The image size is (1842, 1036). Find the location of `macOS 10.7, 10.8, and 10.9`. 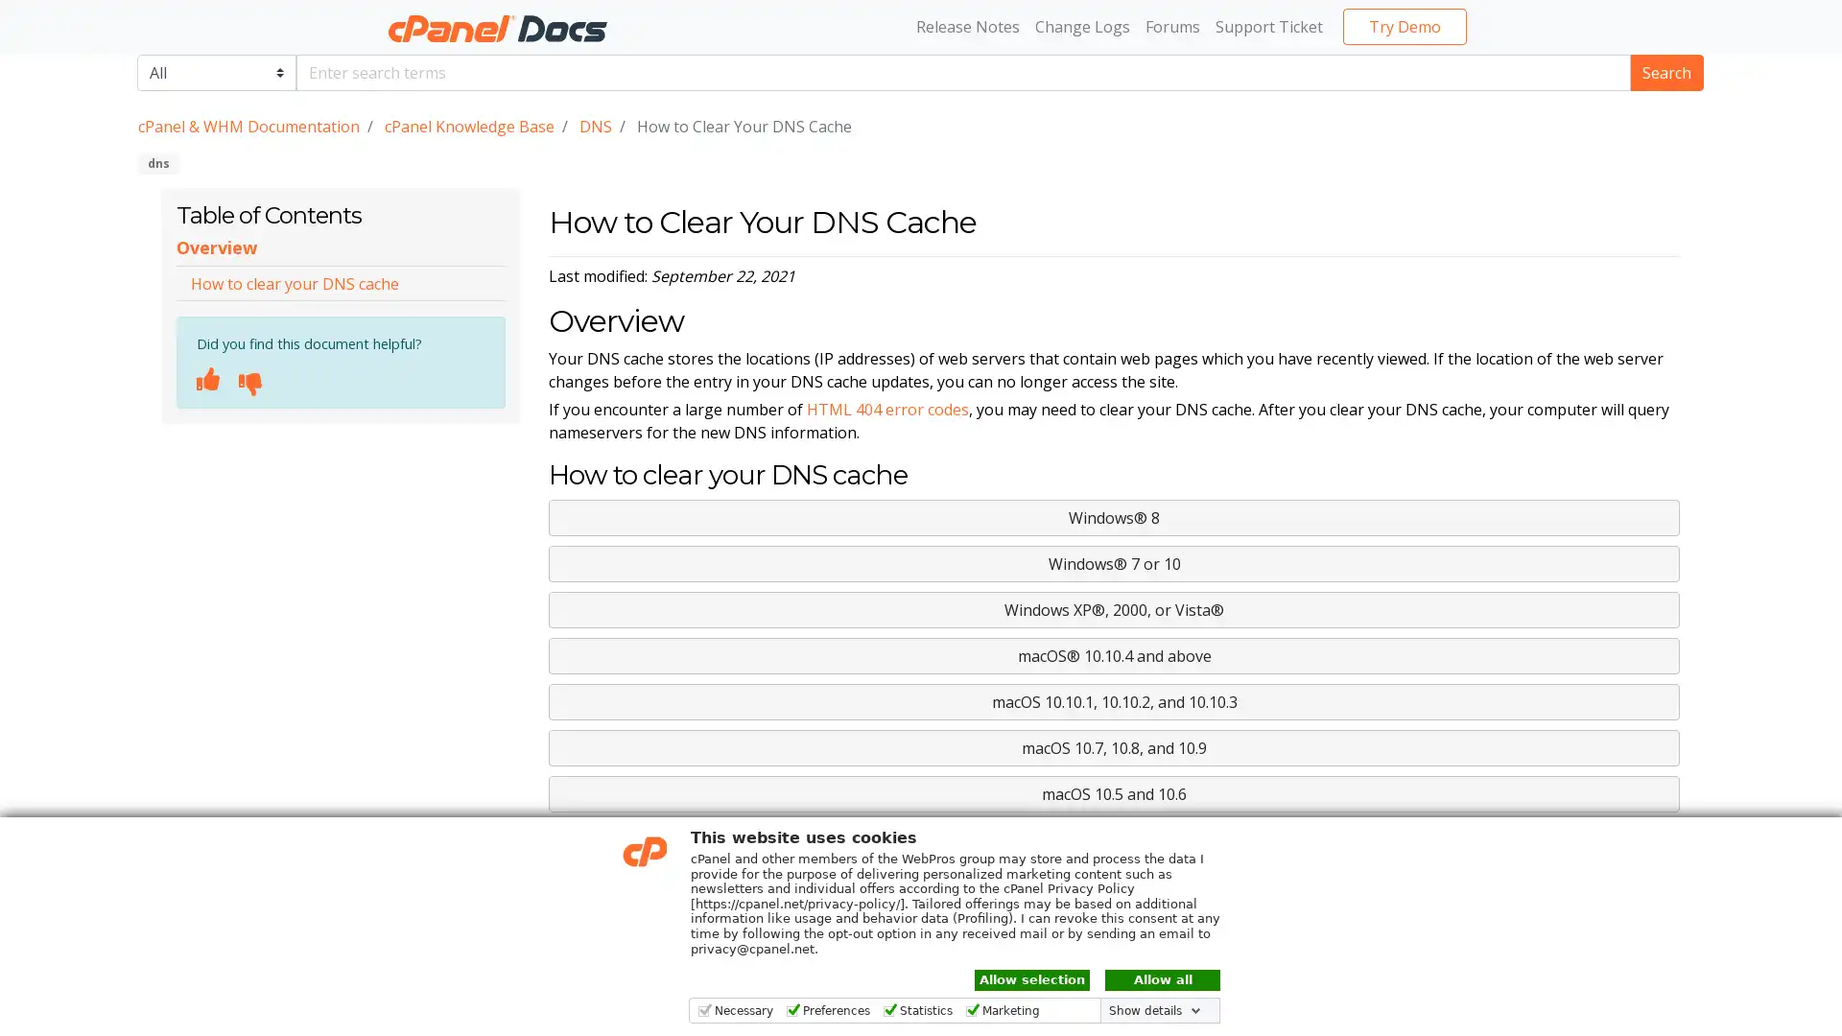

macOS 10.7, 10.8, and 10.9 is located at coordinates (1114, 746).